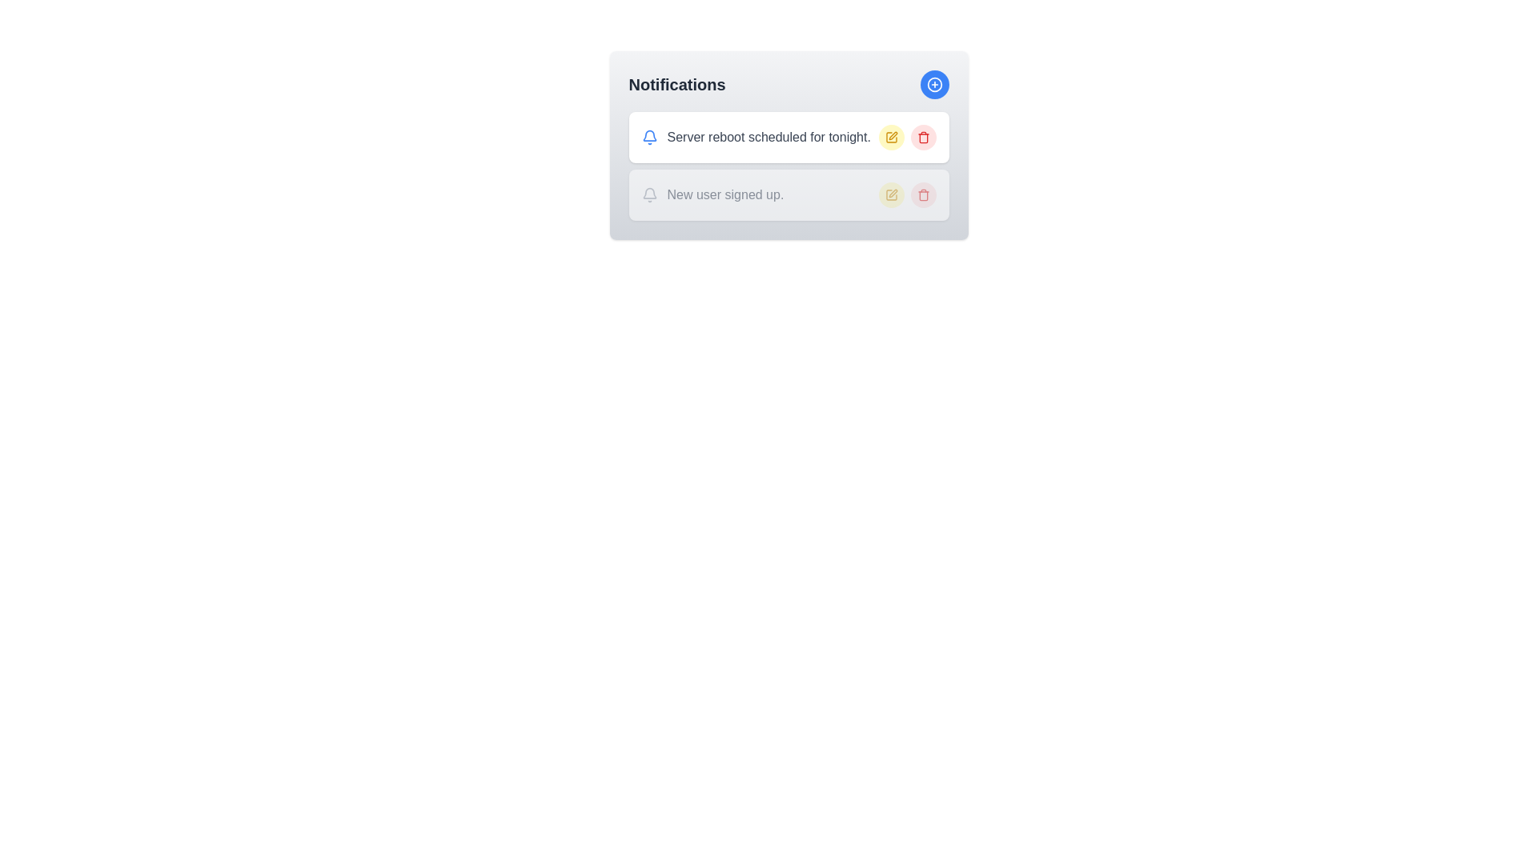 This screenshot has width=1537, height=864. I want to click on the notification context icon located to the left of the text 'New user signed up.' in the notifications list, so click(649, 194).